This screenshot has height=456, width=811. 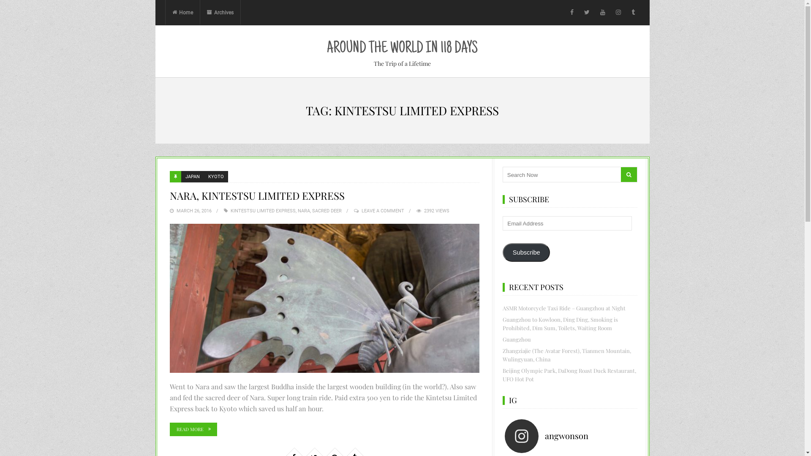 What do you see at coordinates (586, 13) in the screenshot?
I see `'twitter'` at bounding box center [586, 13].